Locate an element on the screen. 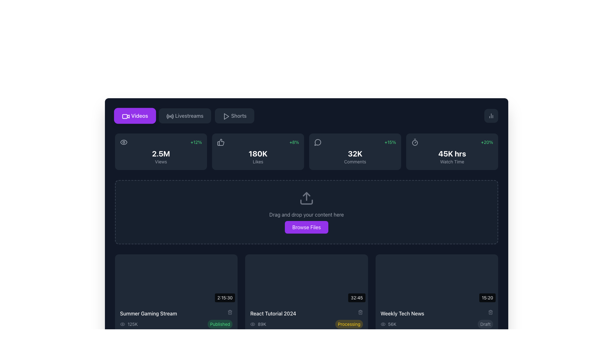 The height and width of the screenshot is (340, 605). the text label displaying '56K' in light gray color, located beside the eye icon in the bottom-right card of the grid layout is located at coordinates (388, 324).